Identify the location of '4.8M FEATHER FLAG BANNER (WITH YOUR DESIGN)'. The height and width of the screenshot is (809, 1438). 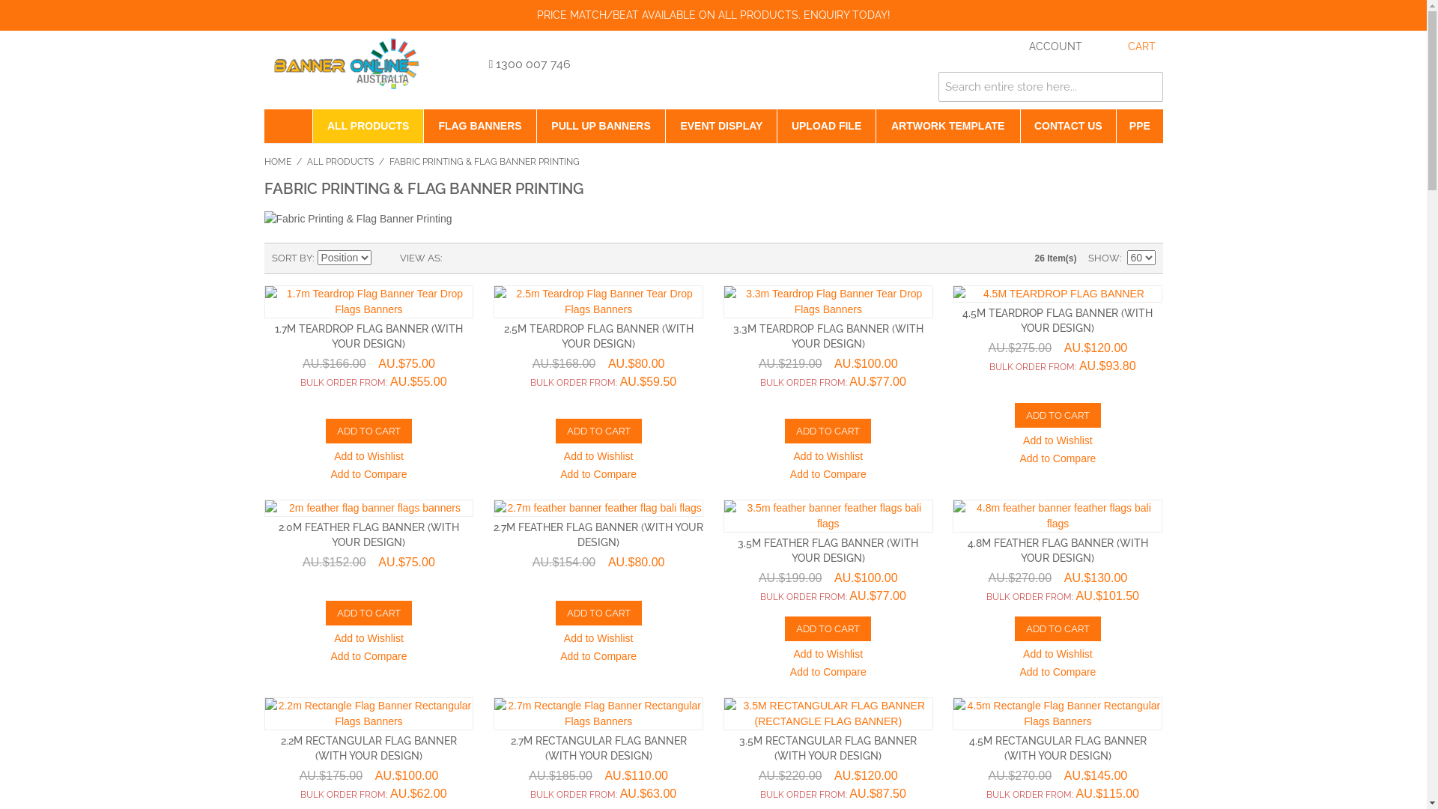
(1057, 551).